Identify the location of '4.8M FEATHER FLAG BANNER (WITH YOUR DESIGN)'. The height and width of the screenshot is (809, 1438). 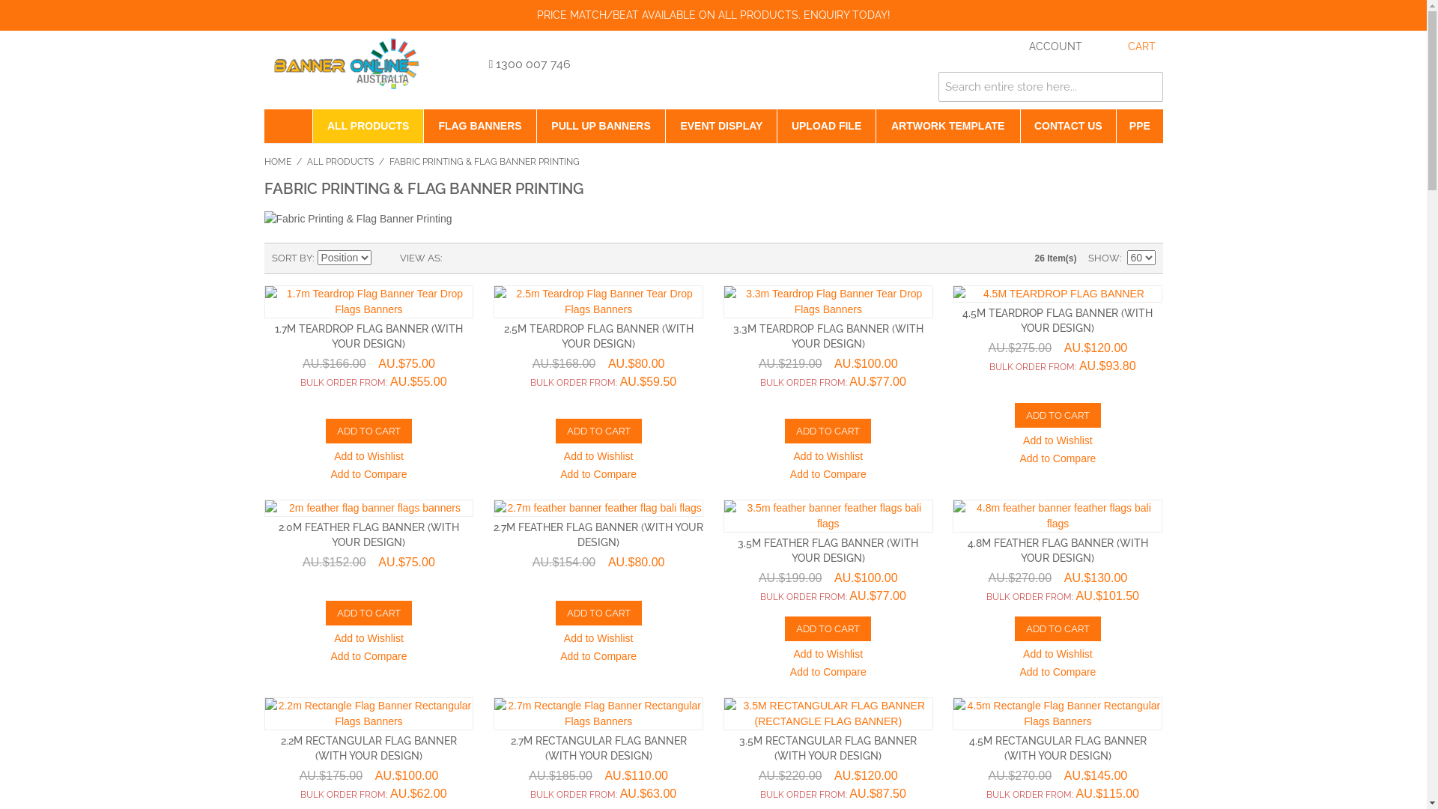
(1057, 551).